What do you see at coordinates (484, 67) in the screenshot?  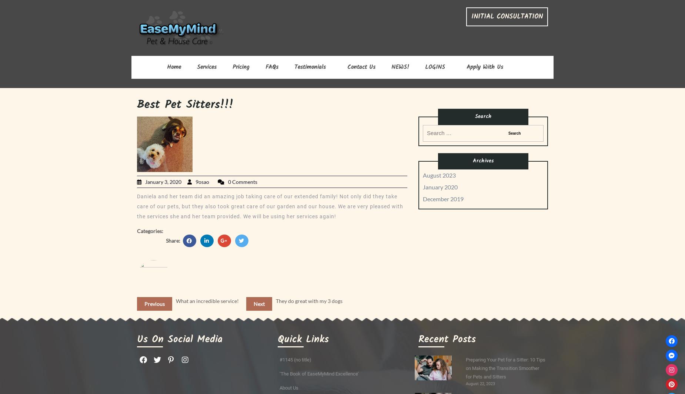 I see `'Apply With Us'` at bounding box center [484, 67].